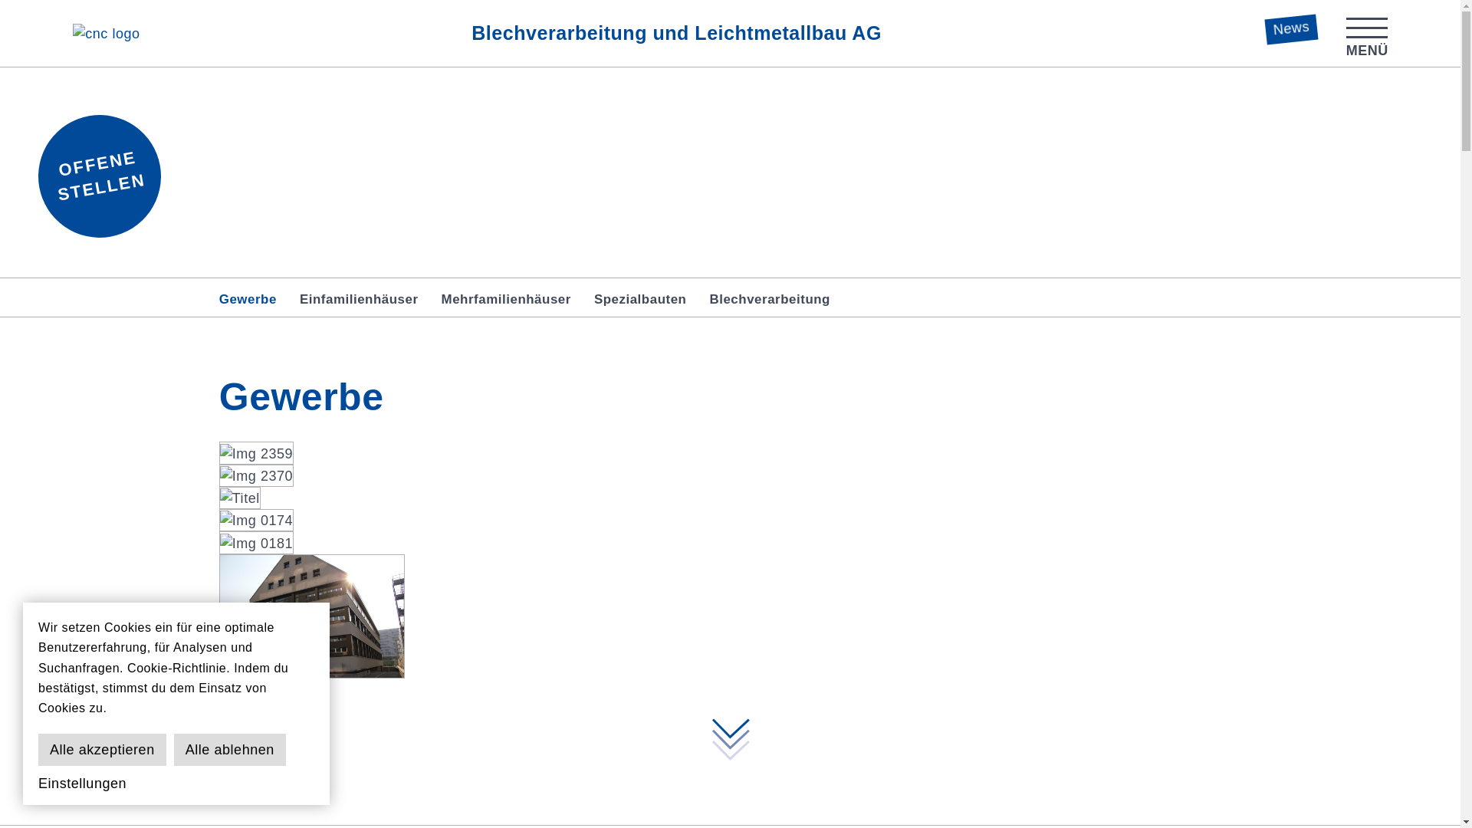 The image size is (1472, 828). Describe the element at coordinates (38, 784) in the screenshot. I see `'Einstellungen'` at that location.